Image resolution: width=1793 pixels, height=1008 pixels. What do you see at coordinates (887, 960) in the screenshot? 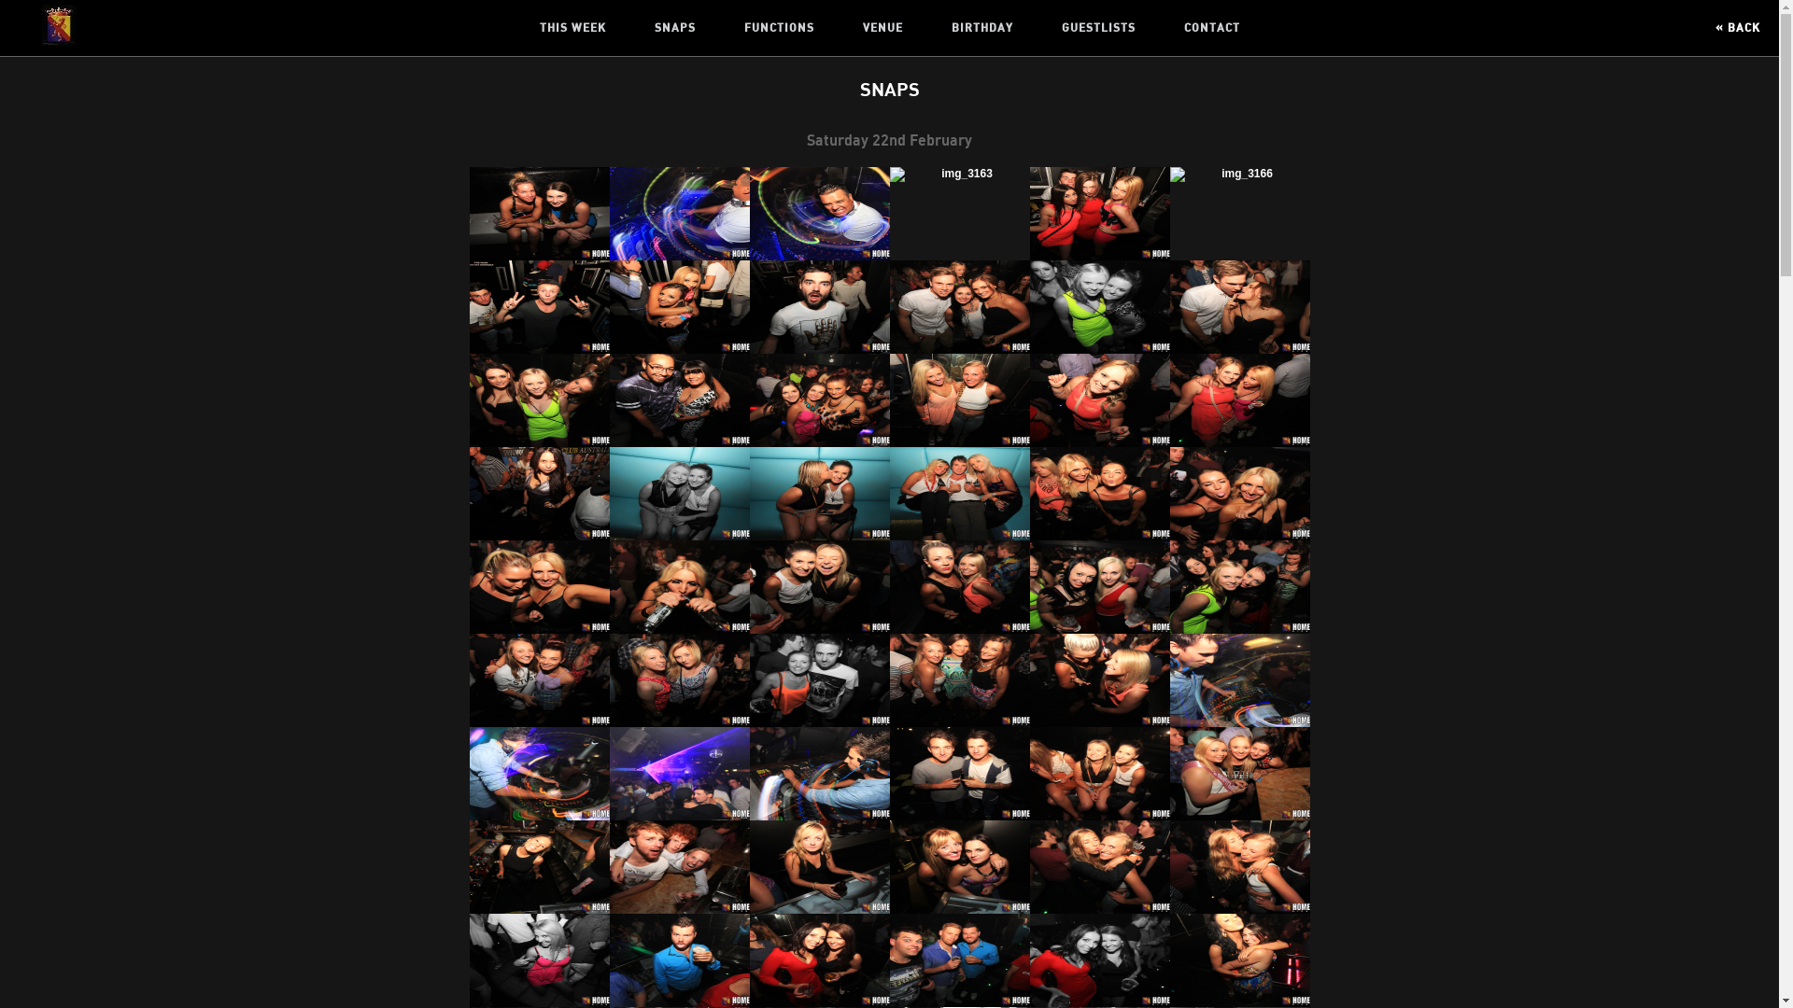
I see `' '` at bounding box center [887, 960].